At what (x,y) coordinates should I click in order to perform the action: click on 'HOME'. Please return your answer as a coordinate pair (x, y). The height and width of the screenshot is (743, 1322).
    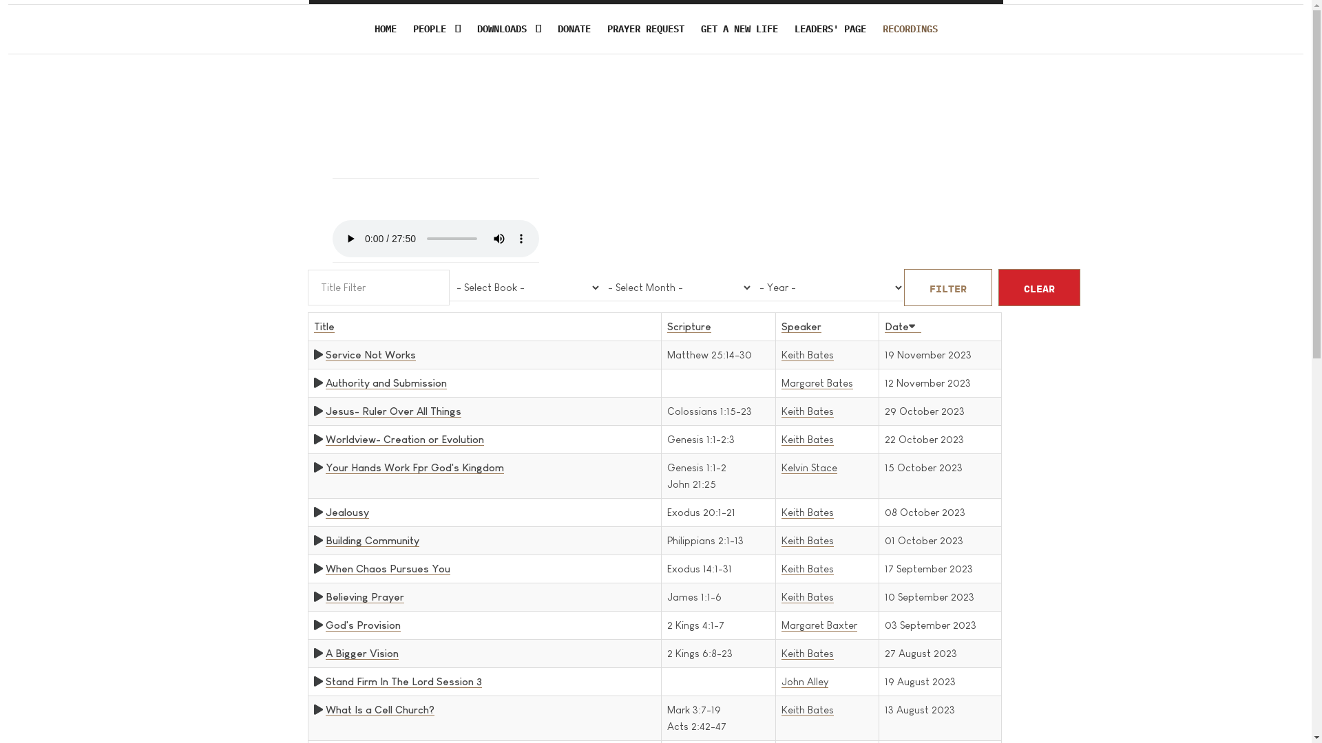
    Looking at the image, I should click on (386, 29).